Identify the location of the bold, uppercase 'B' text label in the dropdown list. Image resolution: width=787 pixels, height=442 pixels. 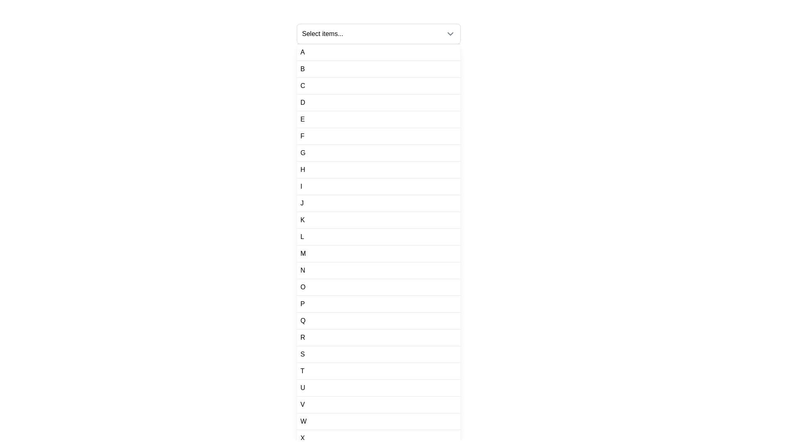
(302, 69).